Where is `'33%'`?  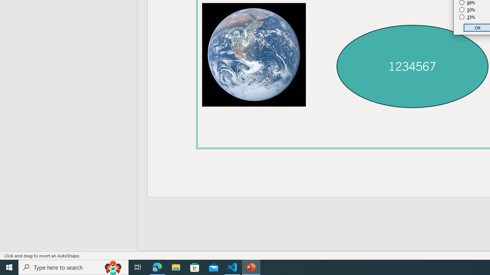
'33%' is located at coordinates (467, 17).